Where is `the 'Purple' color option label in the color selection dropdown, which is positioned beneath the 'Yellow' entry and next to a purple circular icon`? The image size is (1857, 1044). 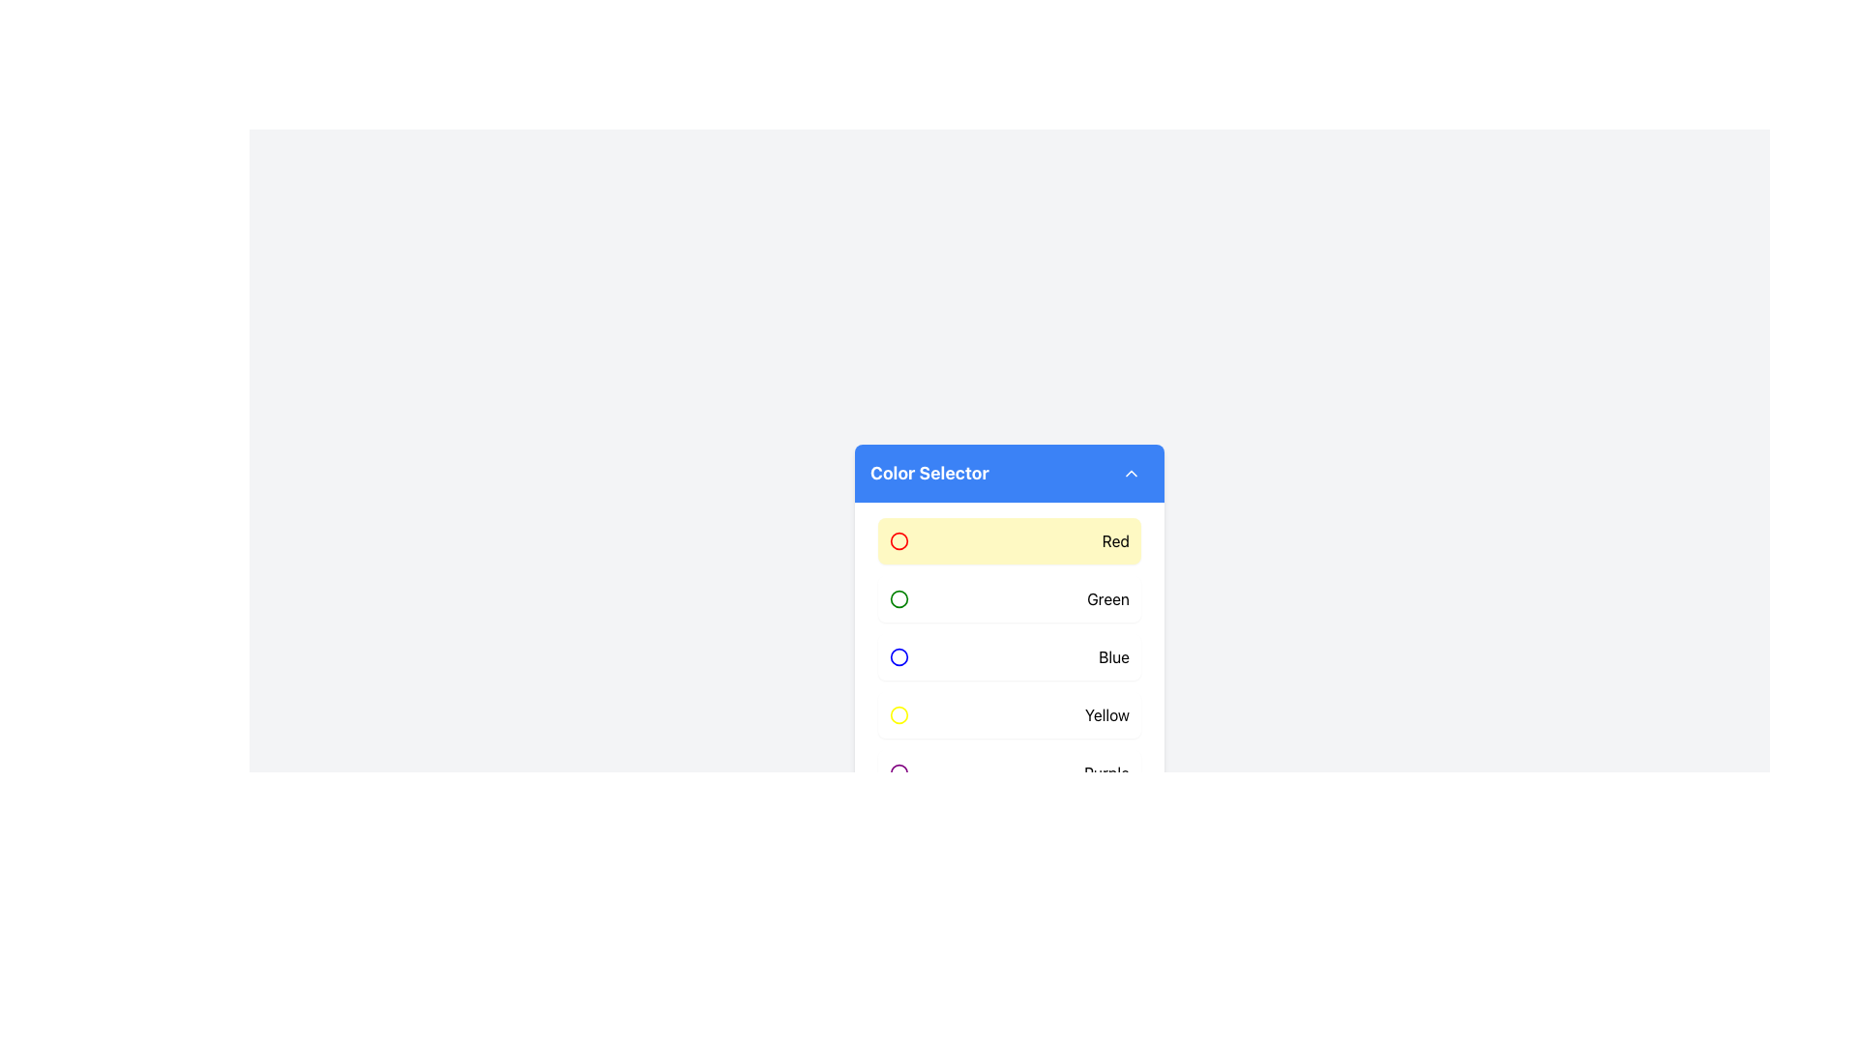 the 'Purple' color option label in the color selection dropdown, which is positioned beneath the 'Yellow' entry and next to a purple circular icon is located at coordinates (1106, 771).